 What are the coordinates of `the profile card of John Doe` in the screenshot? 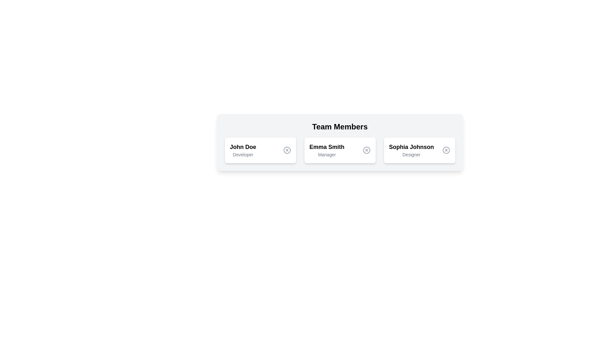 It's located at (260, 150).